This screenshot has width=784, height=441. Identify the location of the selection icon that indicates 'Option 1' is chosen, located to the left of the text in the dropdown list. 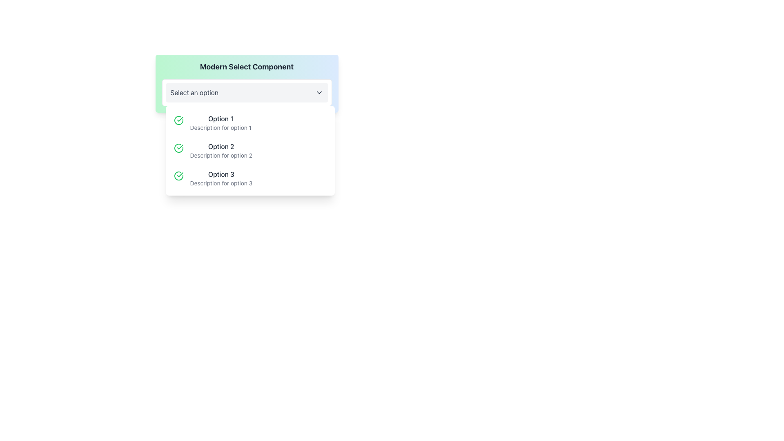
(178, 120).